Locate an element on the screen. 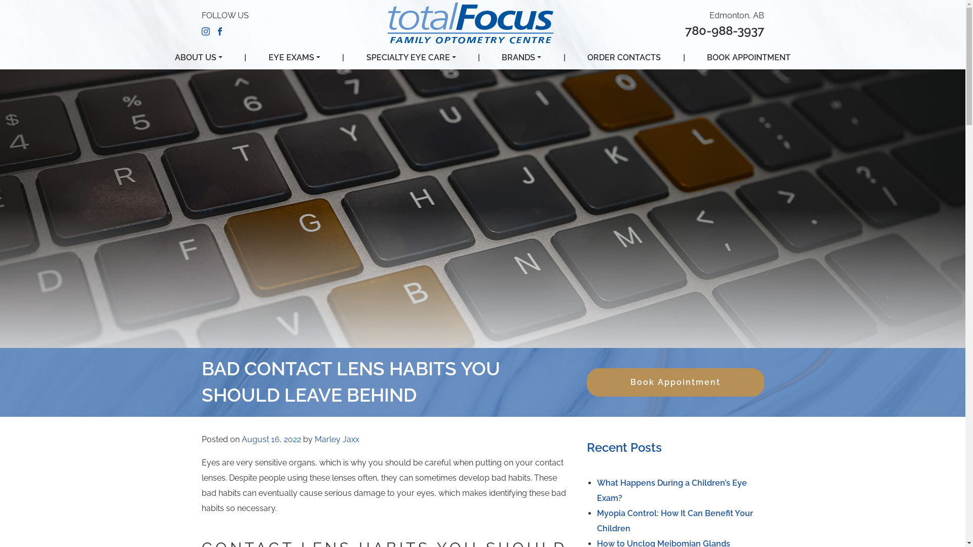 The height and width of the screenshot is (547, 973). 'Facebook' is located at coordinates (219, 30).